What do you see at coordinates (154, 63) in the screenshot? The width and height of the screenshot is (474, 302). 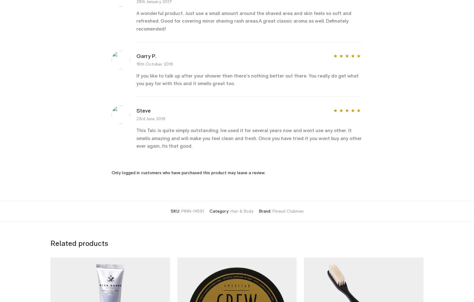 I see `'18th October 2016'` at bounding box center [154, 63].